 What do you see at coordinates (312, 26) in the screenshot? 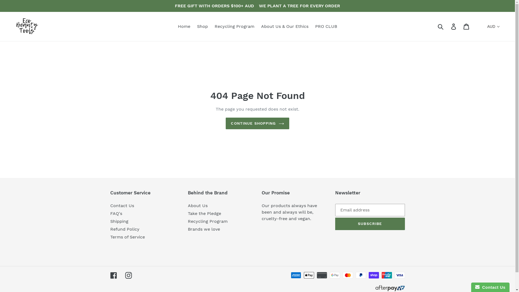
I see `'PRO CLUB'` at bounding box center [312, 26].